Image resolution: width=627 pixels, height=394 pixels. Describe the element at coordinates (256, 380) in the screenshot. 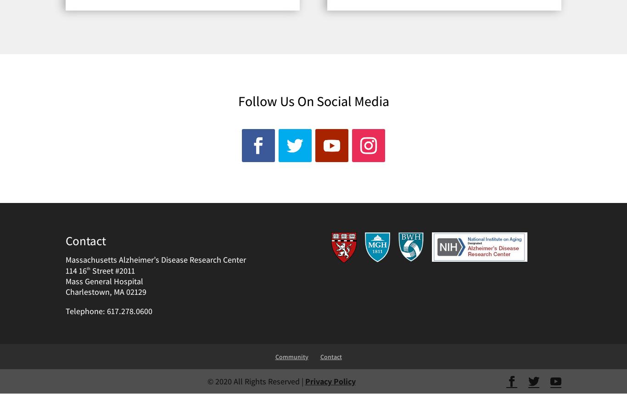

I see `'© 2020  All Rights Reserved |'` at that location.